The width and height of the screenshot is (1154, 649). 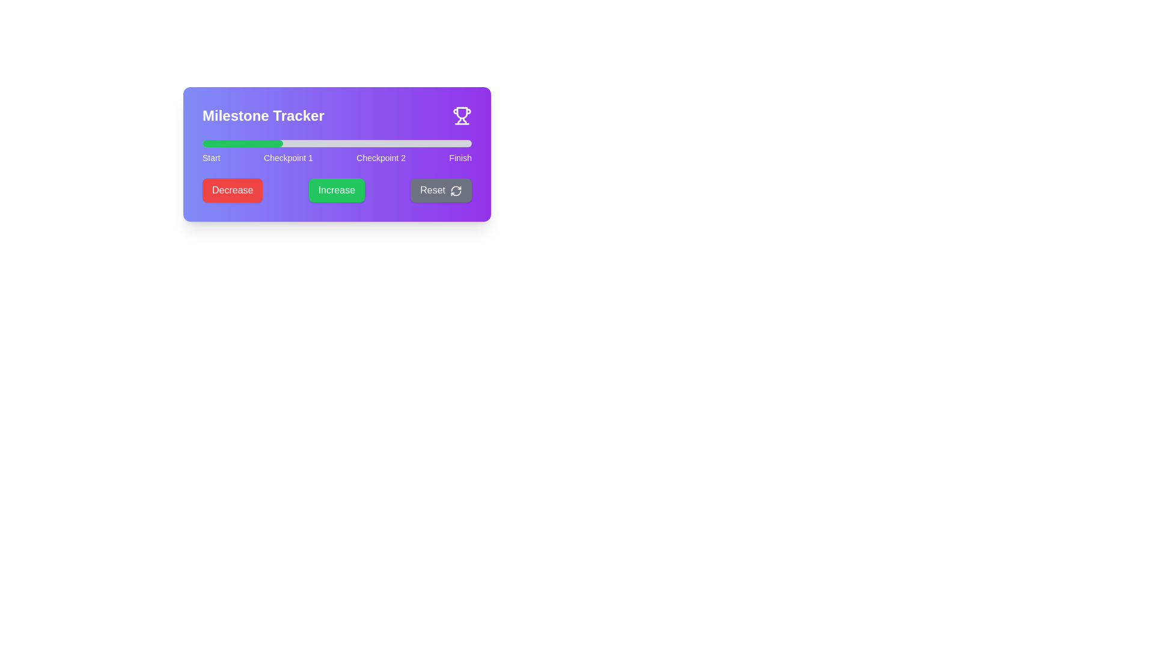 What do you see at coordinates (459, 121) in the screenshot?
I see `the curved shape forming part of the left vertical stem of the trophy figure in the top-right corner of the milestone tracker component` at bounding box center [459, 121].